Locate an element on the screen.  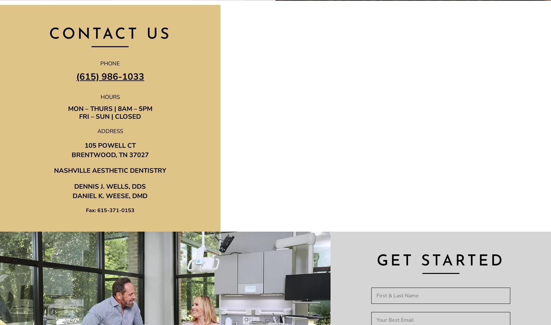
'NASHVILLE AESTHETIC DENTISTRY' is located at coordinates (53, 170).